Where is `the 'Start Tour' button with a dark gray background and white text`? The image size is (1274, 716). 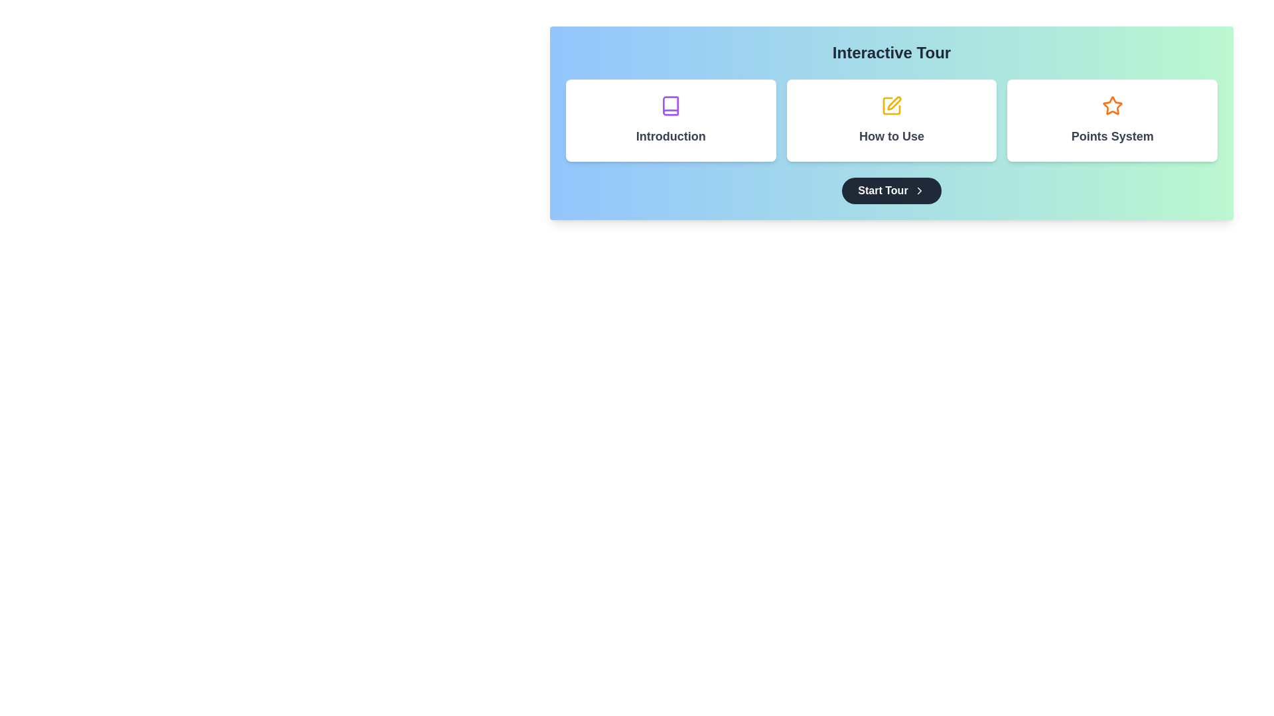 the 'Start Tour' button with a dark gray background and white text is located at coordinates (892, 191).